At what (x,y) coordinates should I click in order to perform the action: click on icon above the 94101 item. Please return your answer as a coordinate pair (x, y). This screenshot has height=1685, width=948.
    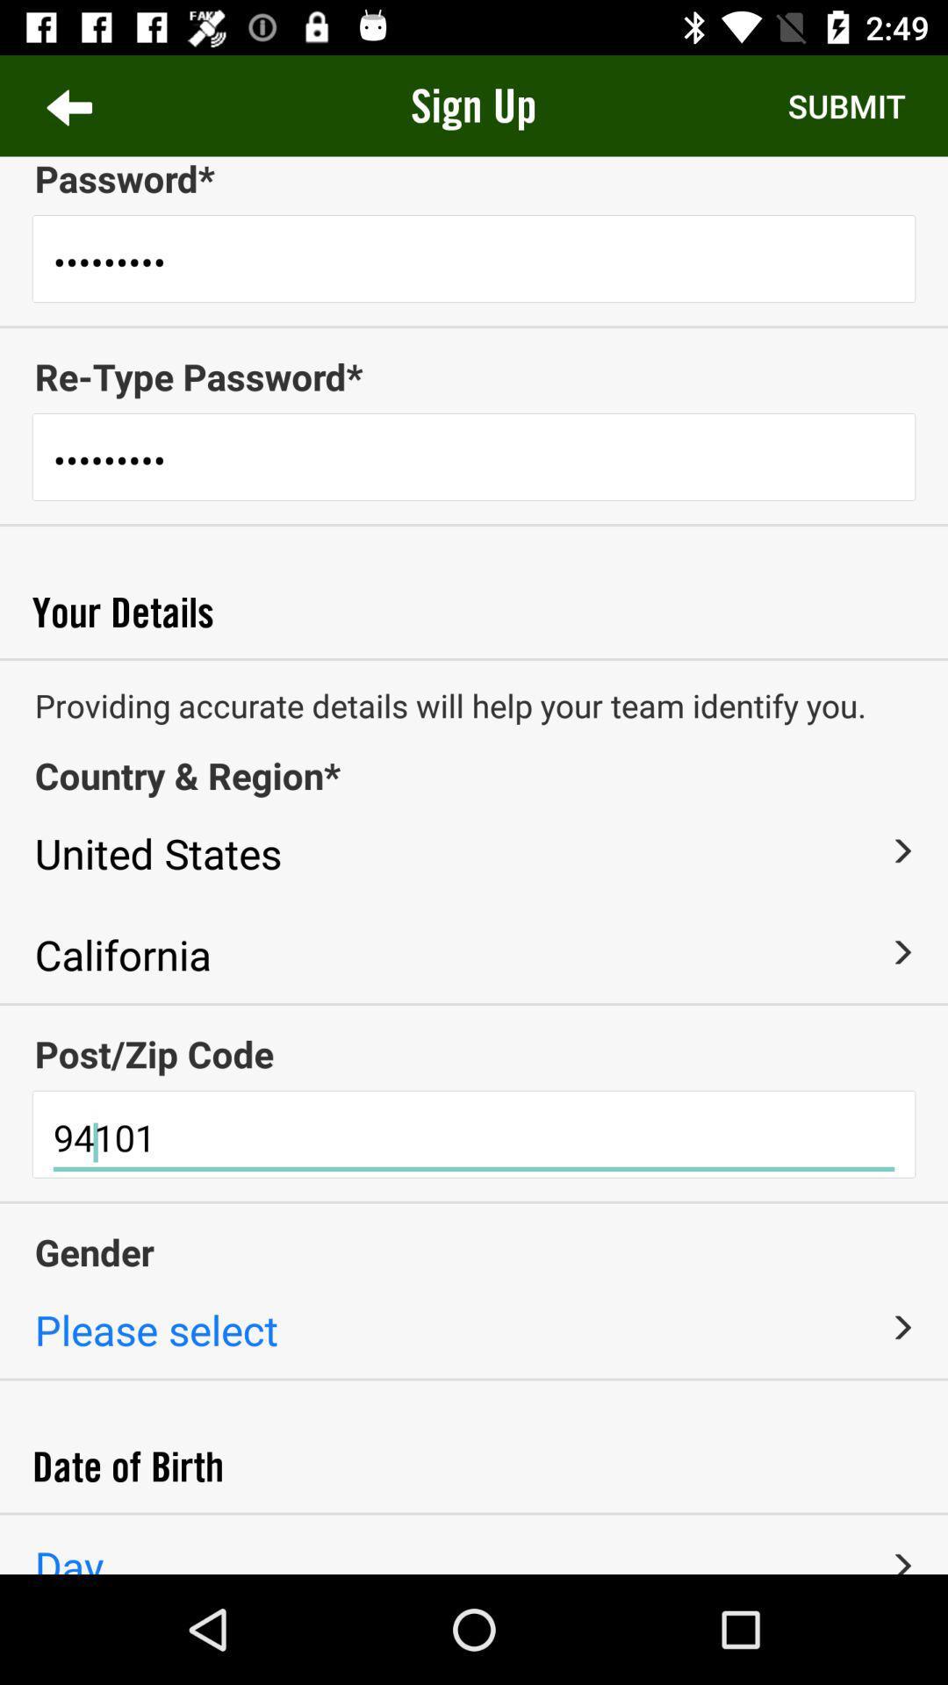
    Looking at the image, I should click on (474, 1053).